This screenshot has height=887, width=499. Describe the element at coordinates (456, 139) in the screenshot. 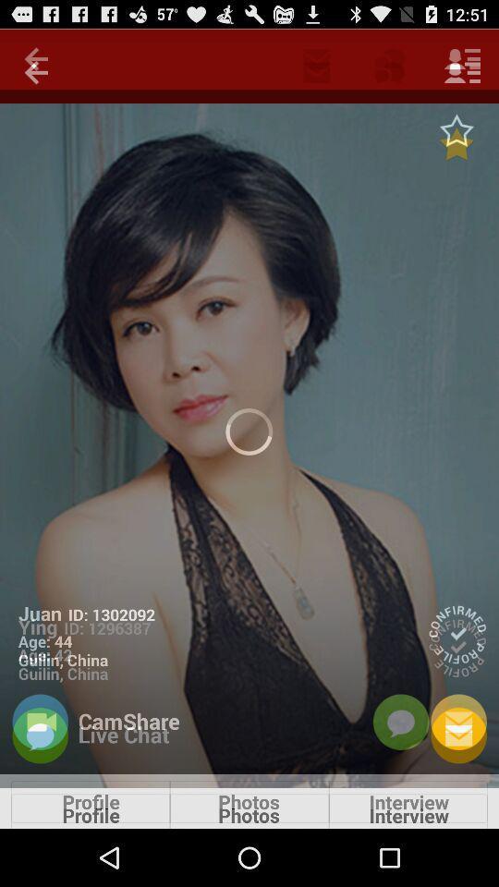

I see `the star icon` at that location.